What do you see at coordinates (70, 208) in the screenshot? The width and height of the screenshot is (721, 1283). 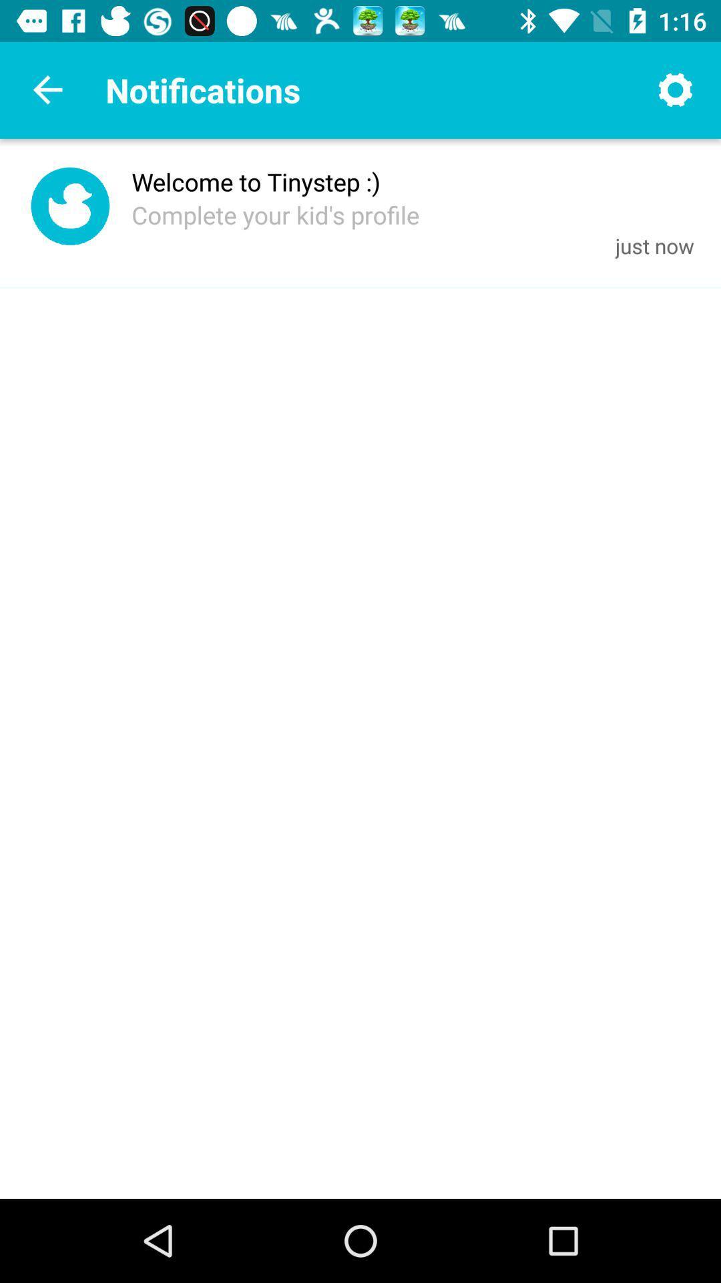 I see `item next to the welcome to tinystep :)` at bounding box center [70, 208].